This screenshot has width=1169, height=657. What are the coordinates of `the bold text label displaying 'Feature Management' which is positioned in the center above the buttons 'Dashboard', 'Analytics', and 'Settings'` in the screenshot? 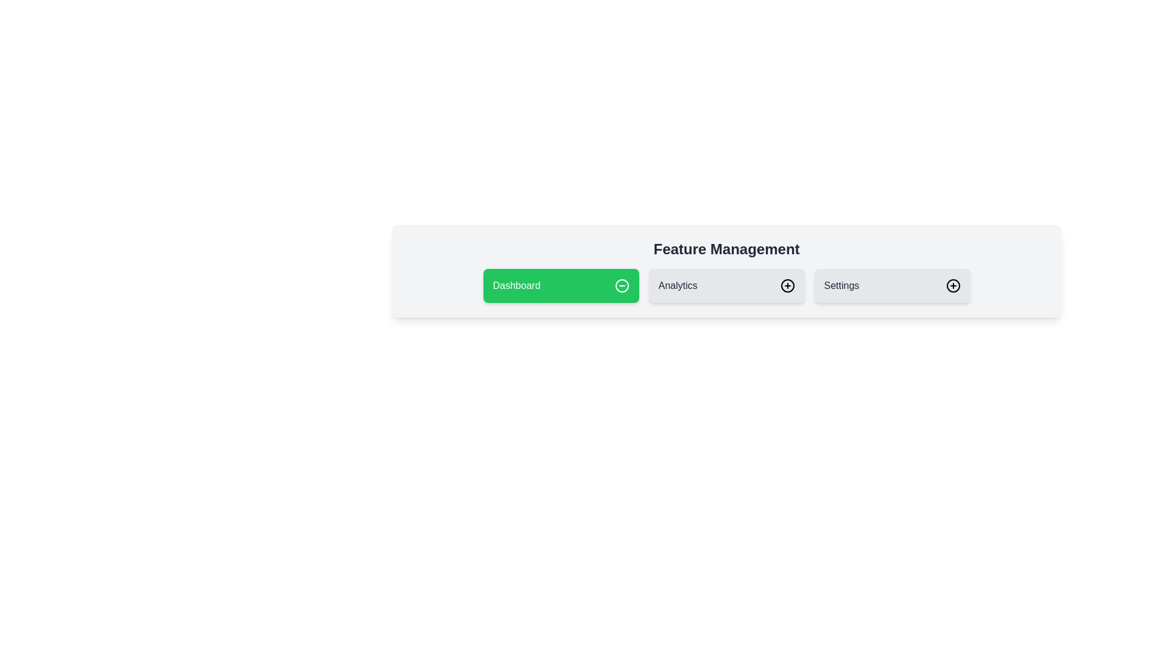 It's located at (726, 248).